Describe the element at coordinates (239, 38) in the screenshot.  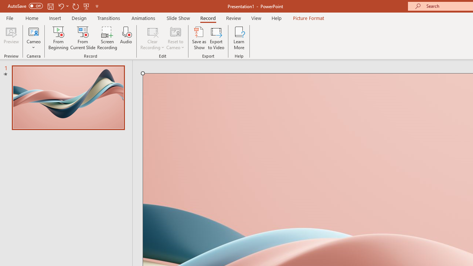
I see `'Learn More'` at that location.